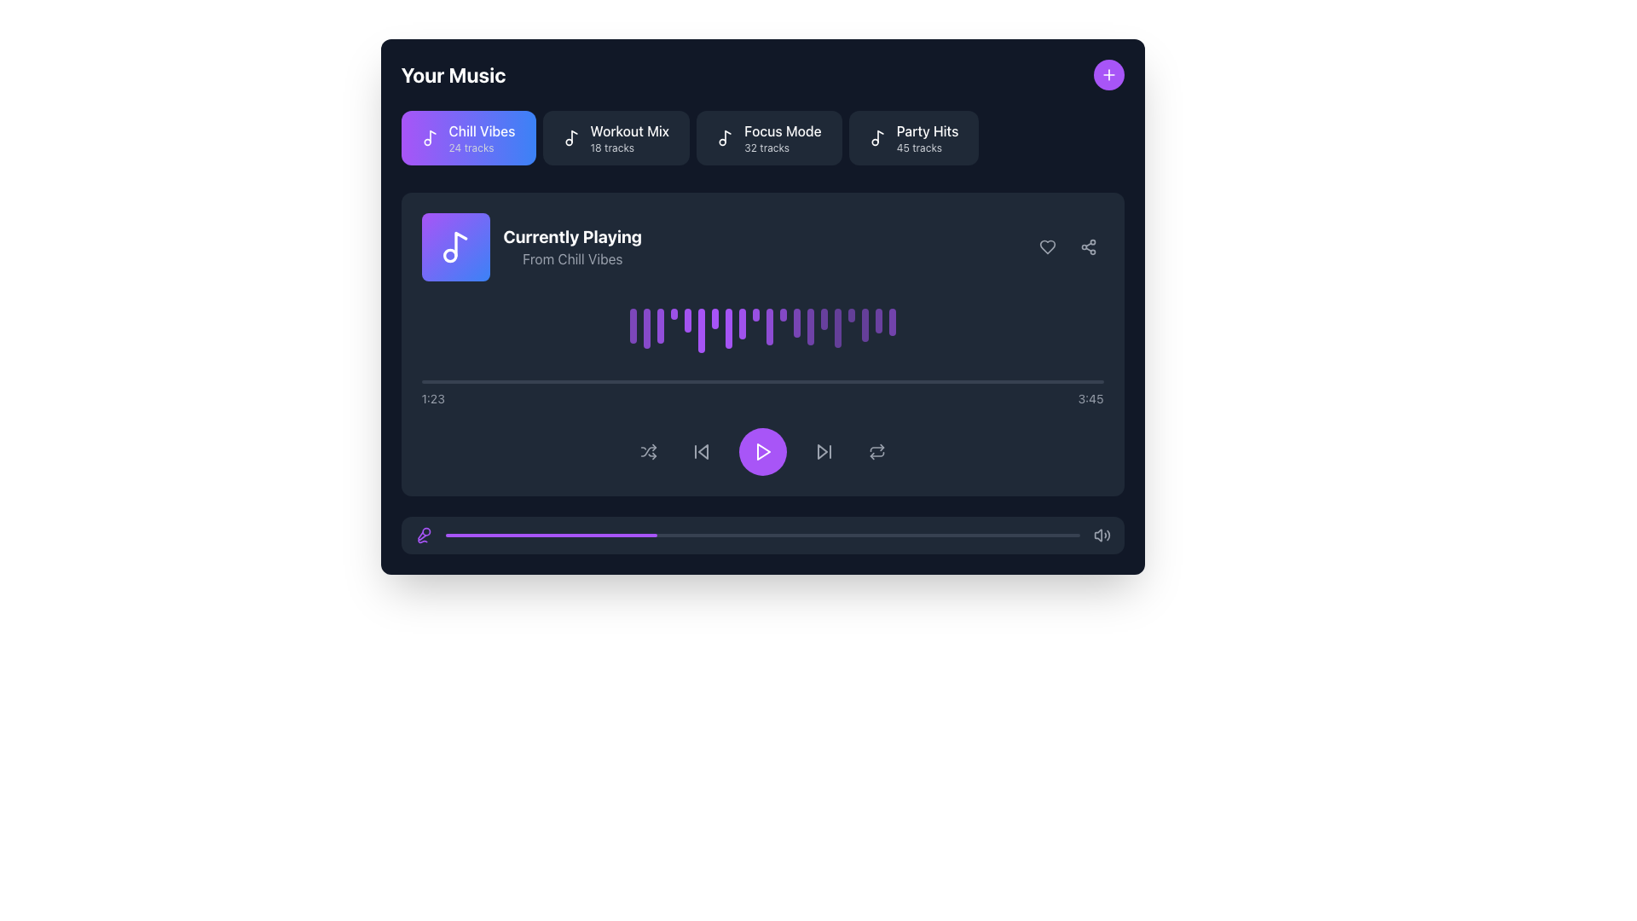 This screenshot has height=921, width=1637. I want to click on the 'Party Hits' button, so click(912, 137).